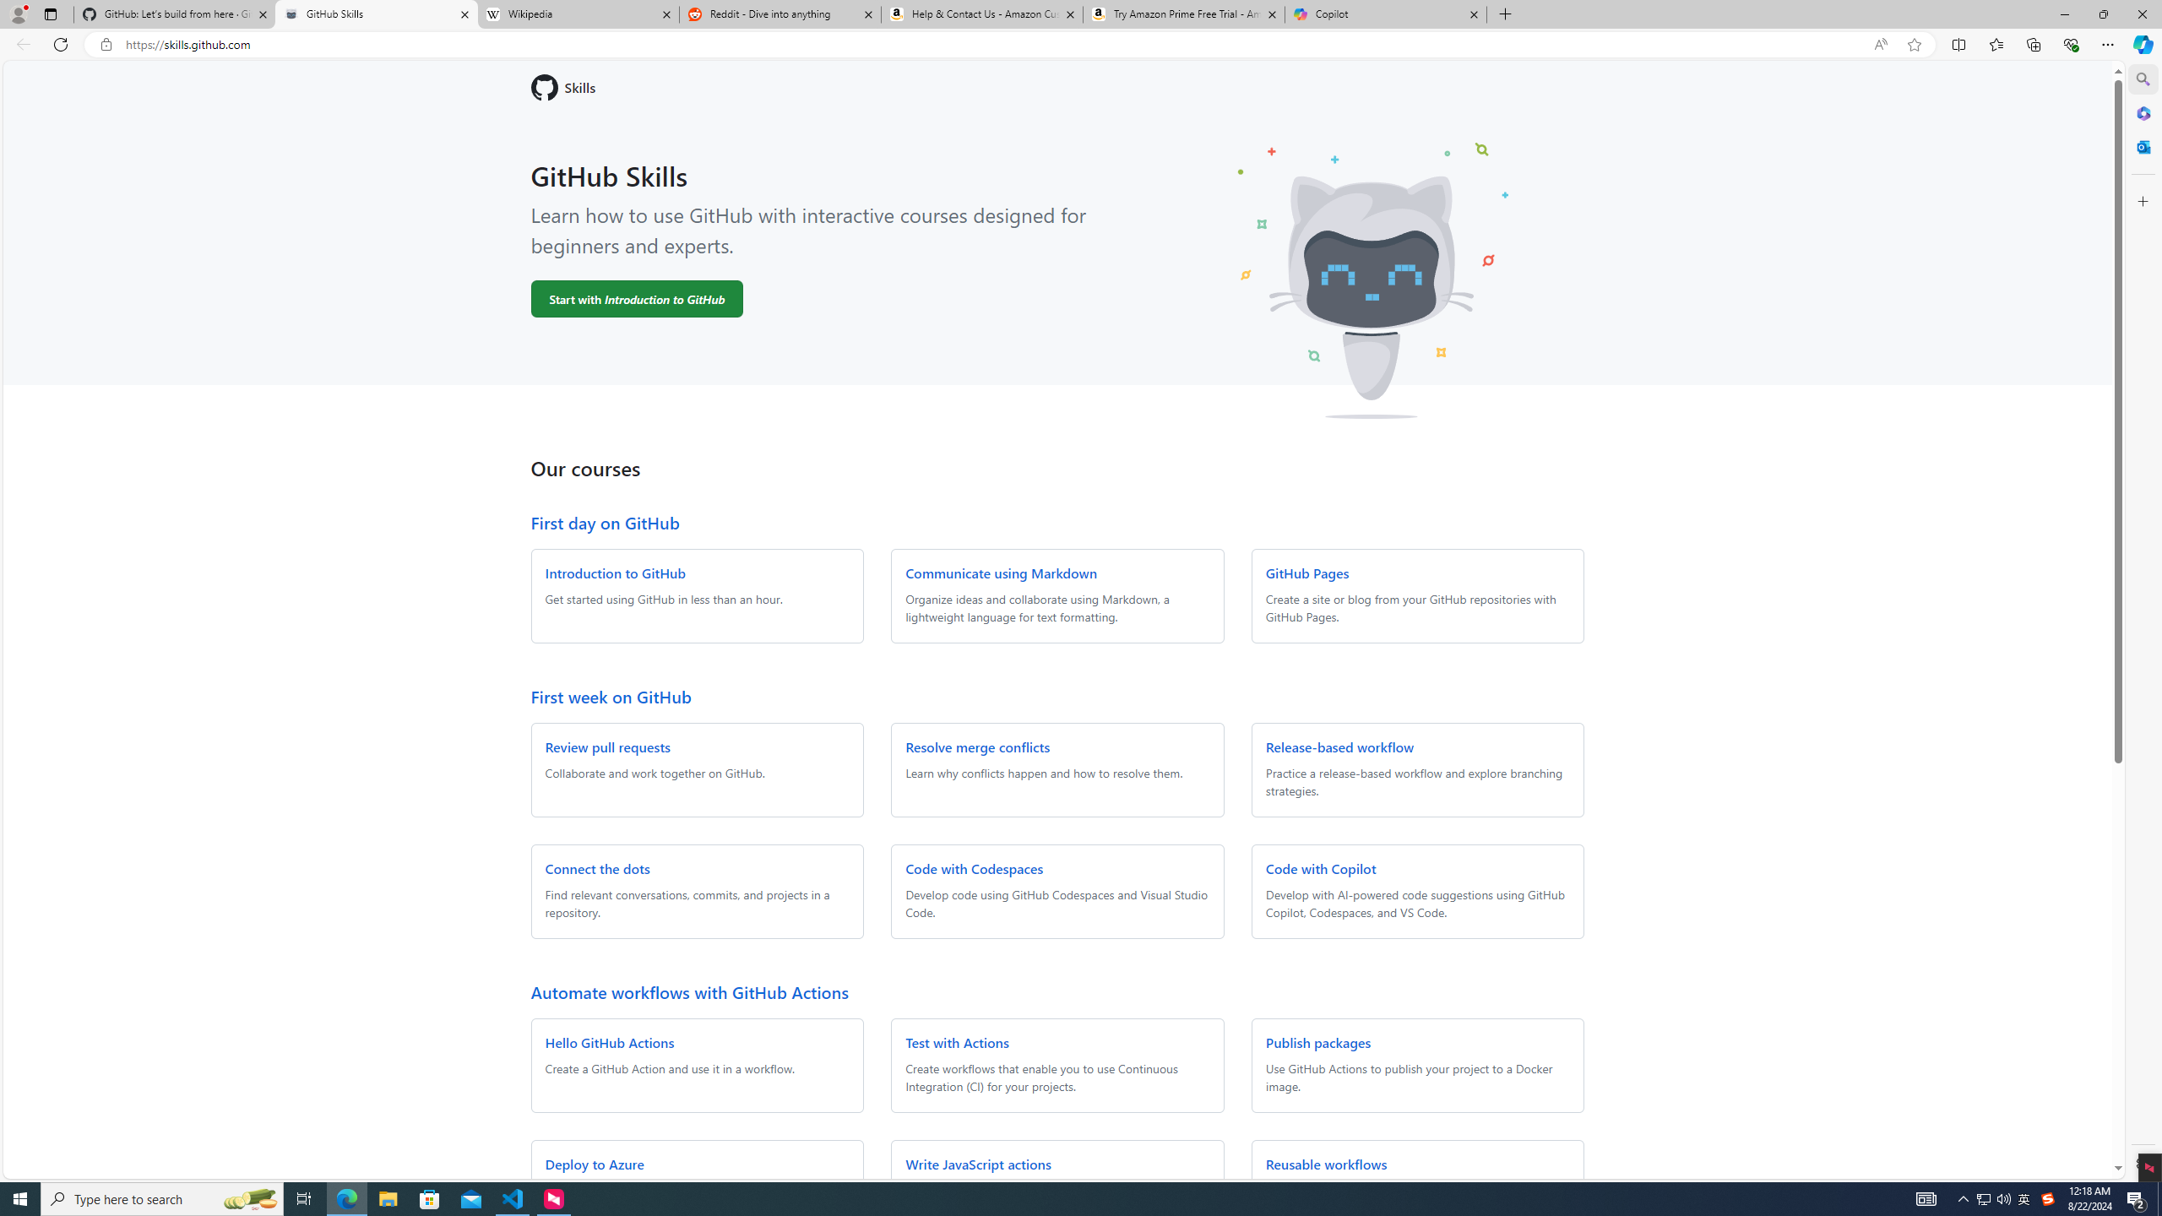 Image resolution: width=2162 pixels, height=1216 pixels. I want to click on 'Code with Codespaces', so click(974, 867).